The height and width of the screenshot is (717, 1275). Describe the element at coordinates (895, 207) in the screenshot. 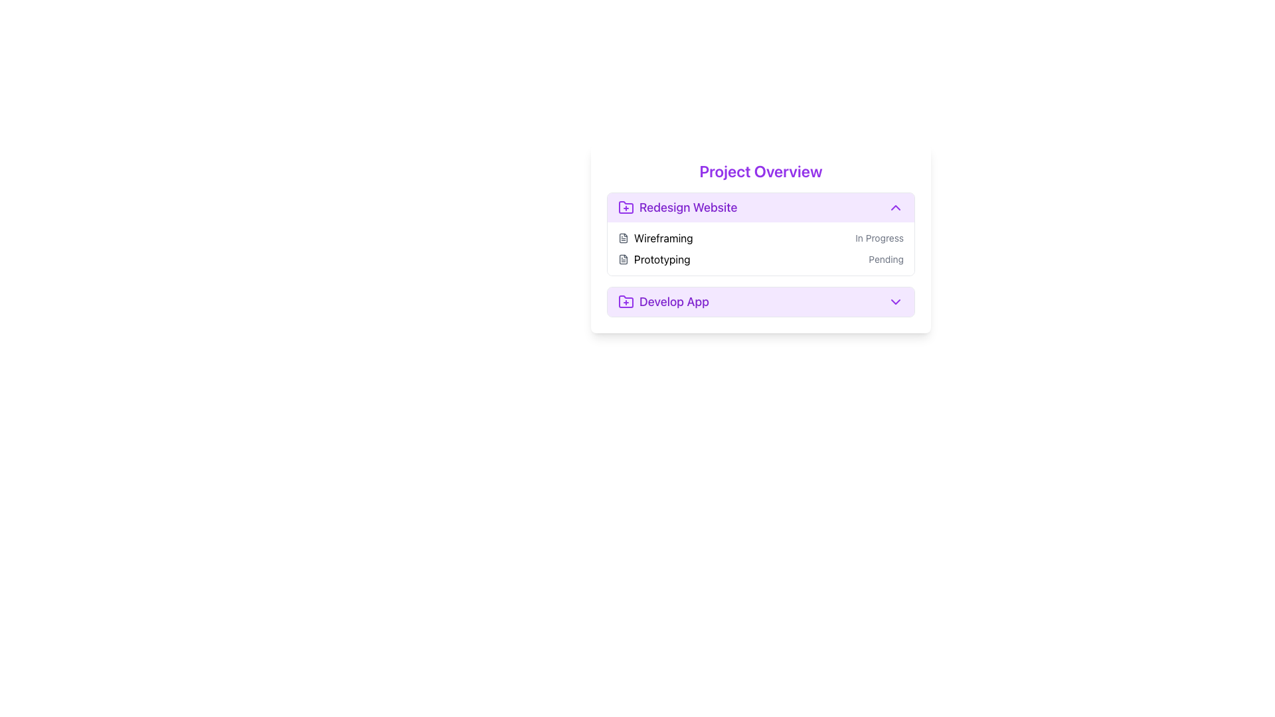

I see `the purple upward-pointing chevron icon located at the top-right corner of the 'Redesign Website' section header` at that location.